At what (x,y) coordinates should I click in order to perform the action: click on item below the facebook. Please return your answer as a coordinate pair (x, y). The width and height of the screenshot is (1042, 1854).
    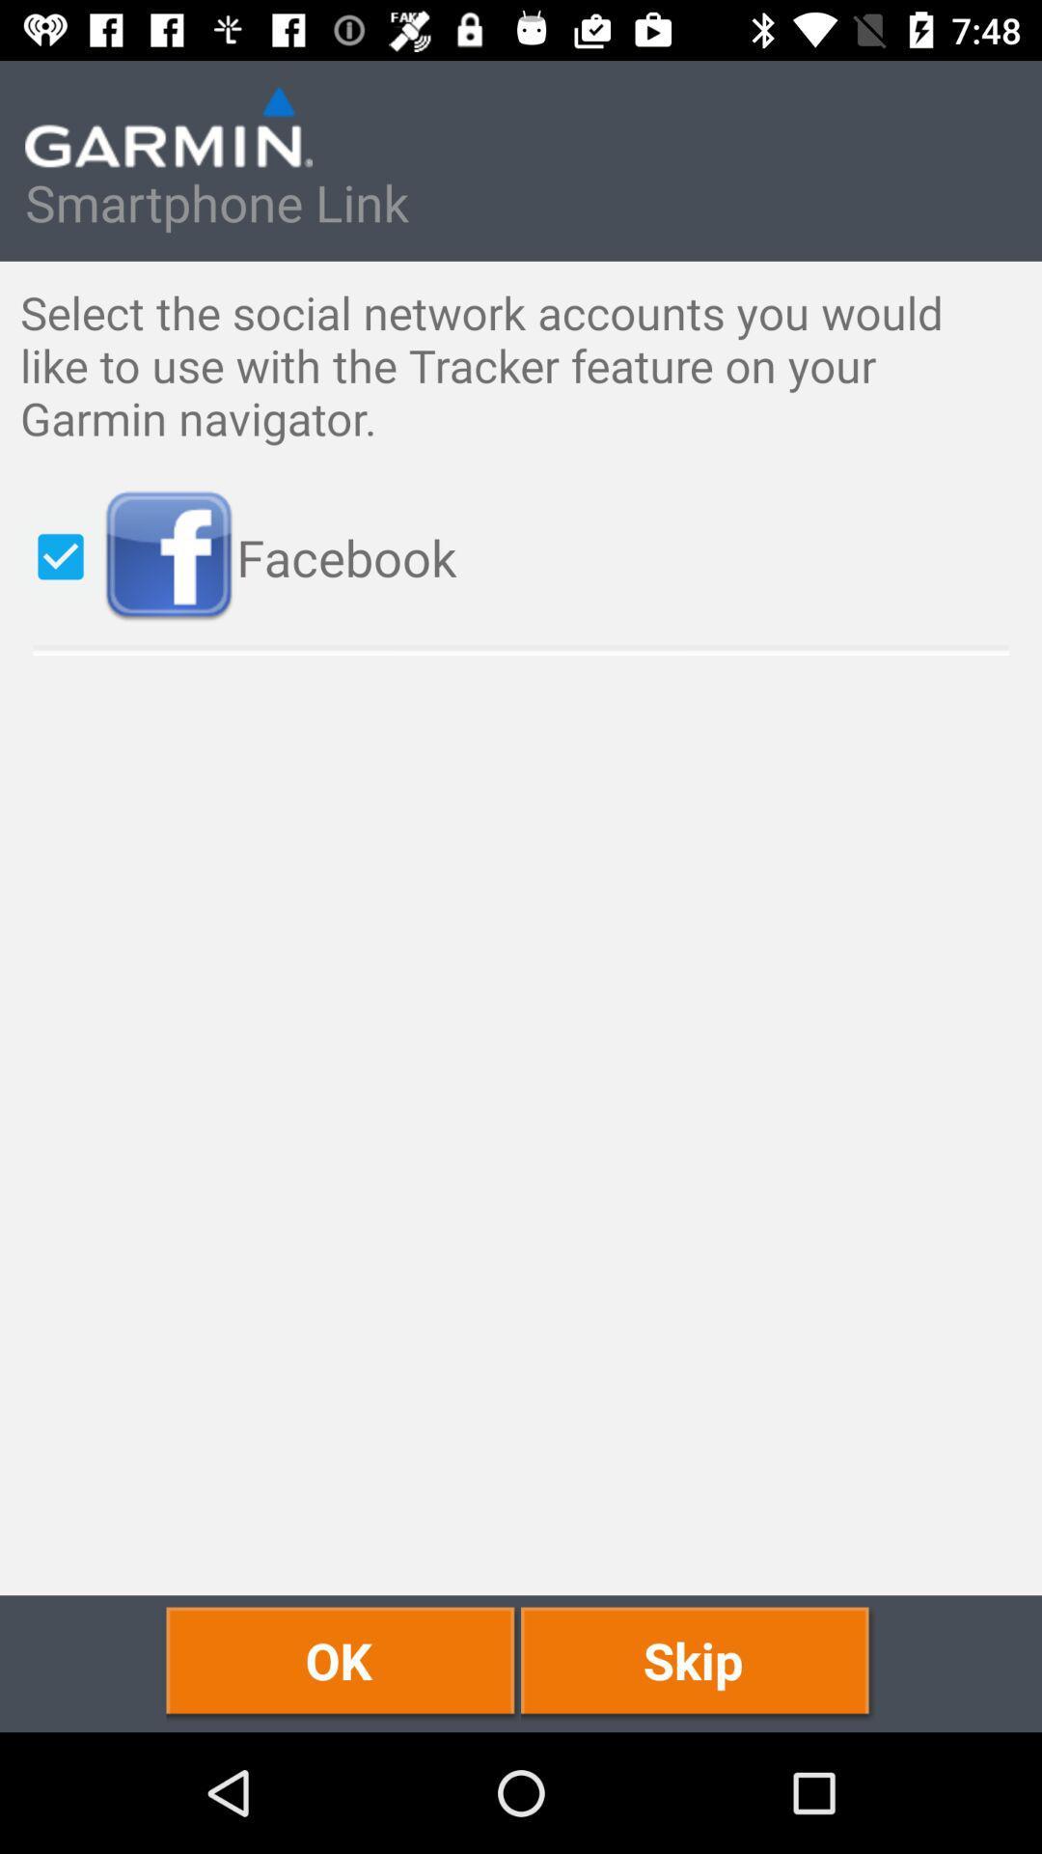
    Looking at the image, I should click on (343, 1663).